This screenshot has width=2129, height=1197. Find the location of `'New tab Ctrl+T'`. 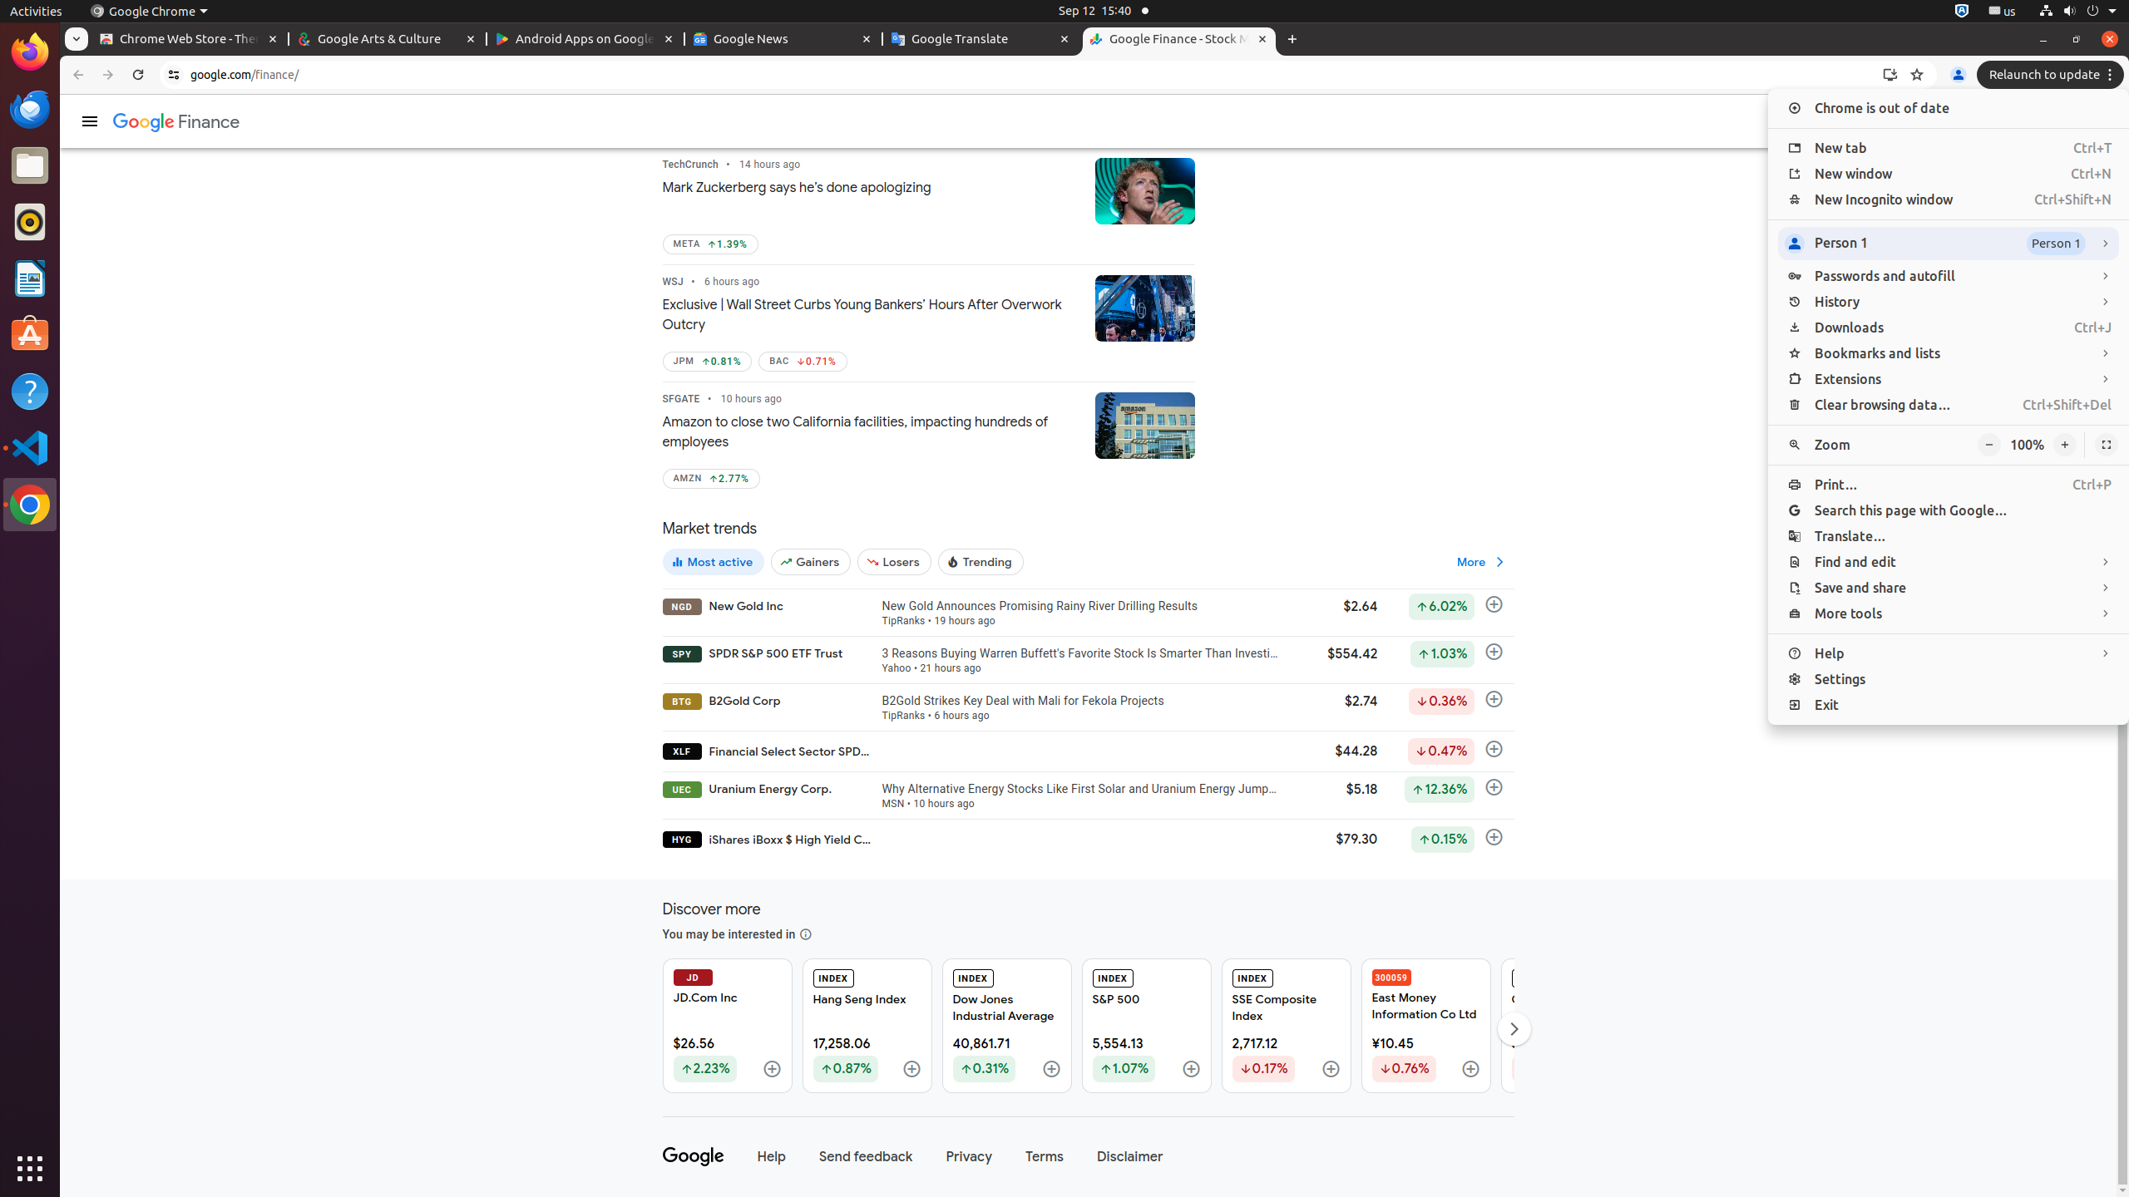

'New tab Ctrl+T' is located at coordinates (1947, 147).